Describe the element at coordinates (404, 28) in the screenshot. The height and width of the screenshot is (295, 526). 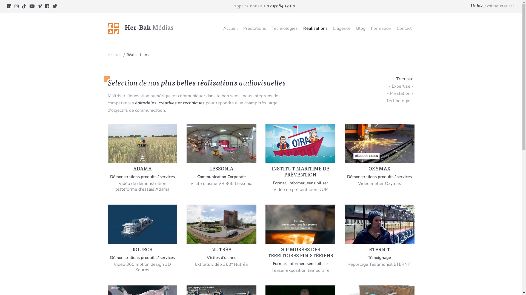
I see `'Contact'` at that location.